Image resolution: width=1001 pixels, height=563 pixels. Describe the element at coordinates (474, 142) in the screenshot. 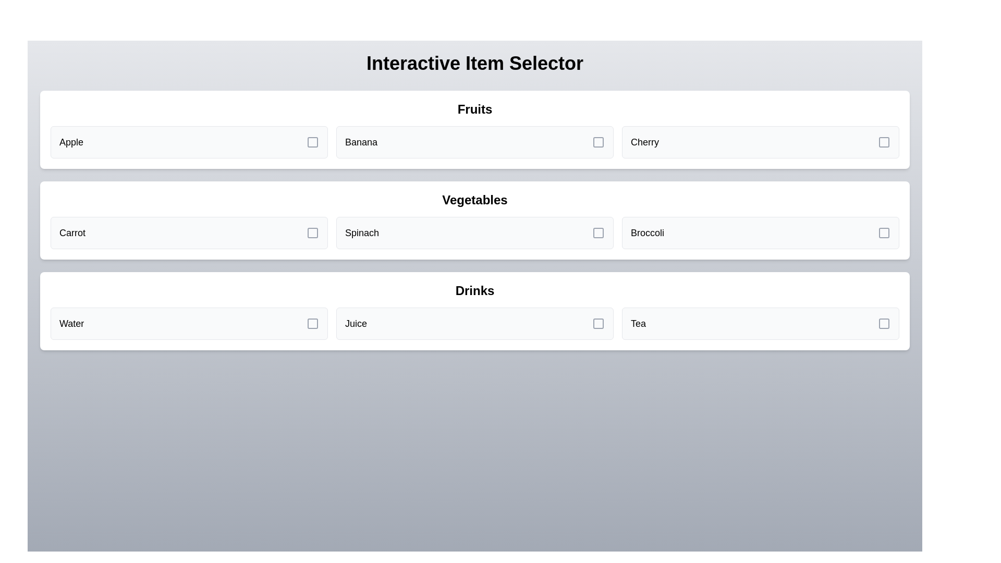

I see `the item Banana from the grid` at that location.